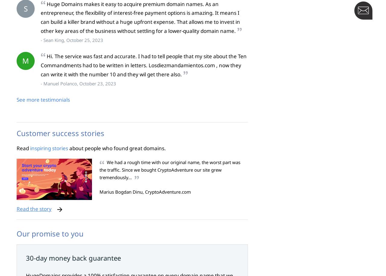 The height and width of the screenshot is (276, 386). I want to click on 'Our promise to you', so click(50, 233).